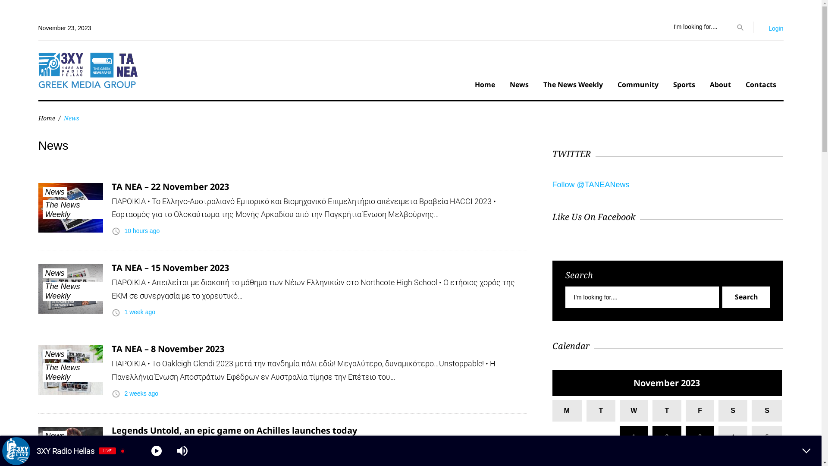  What do you see at coordinates (637, 86) in the screenshot?
I see `'Community'` at bounding box center [637, 86].